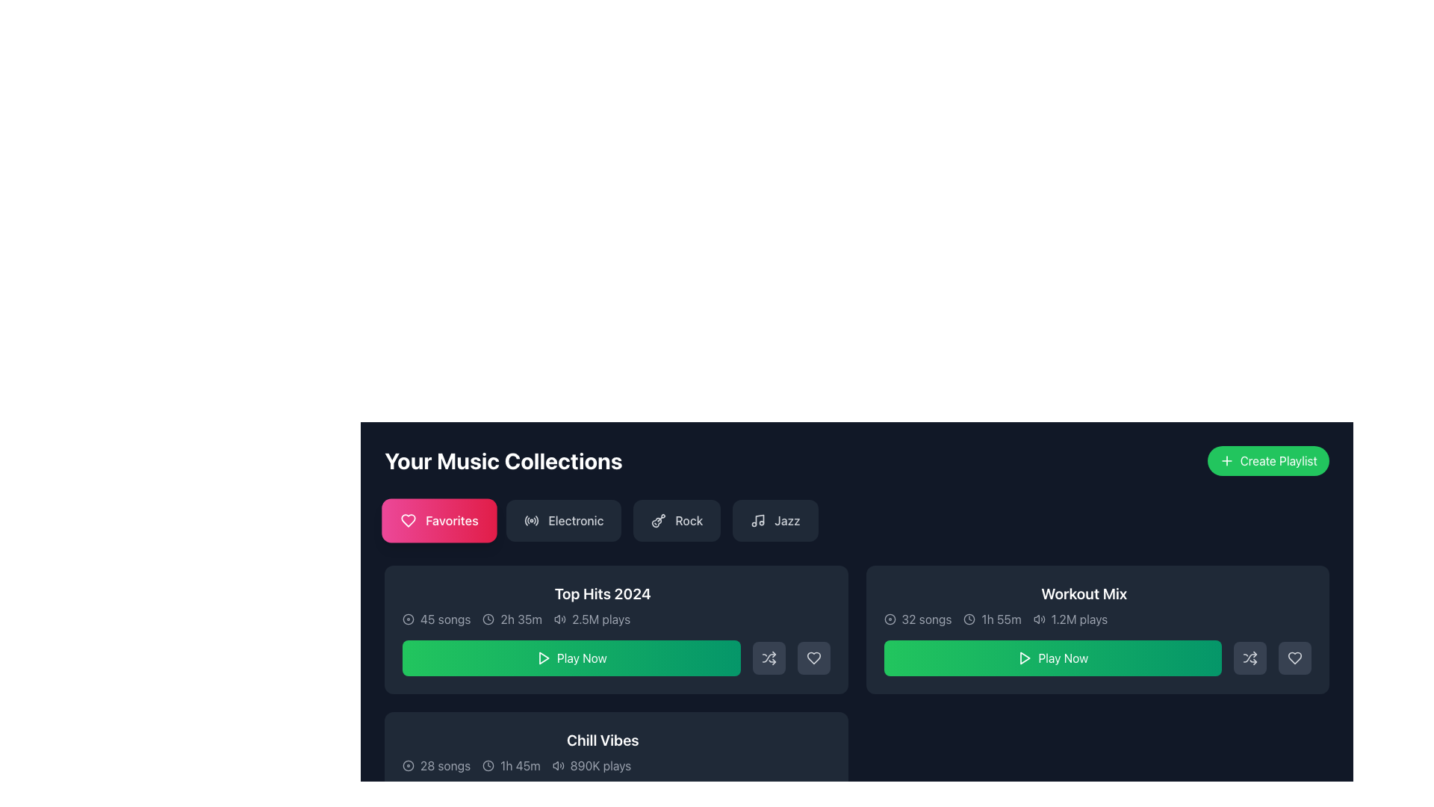 This screenshot has height=807, width=1434. What do you see at coordinates (581, 657) in the screenshot?
I see `the text label inside the green 'Play Now' button in the 'Top Hits 2024' section to trigger visual feedback` at bounding box center [581, 657].